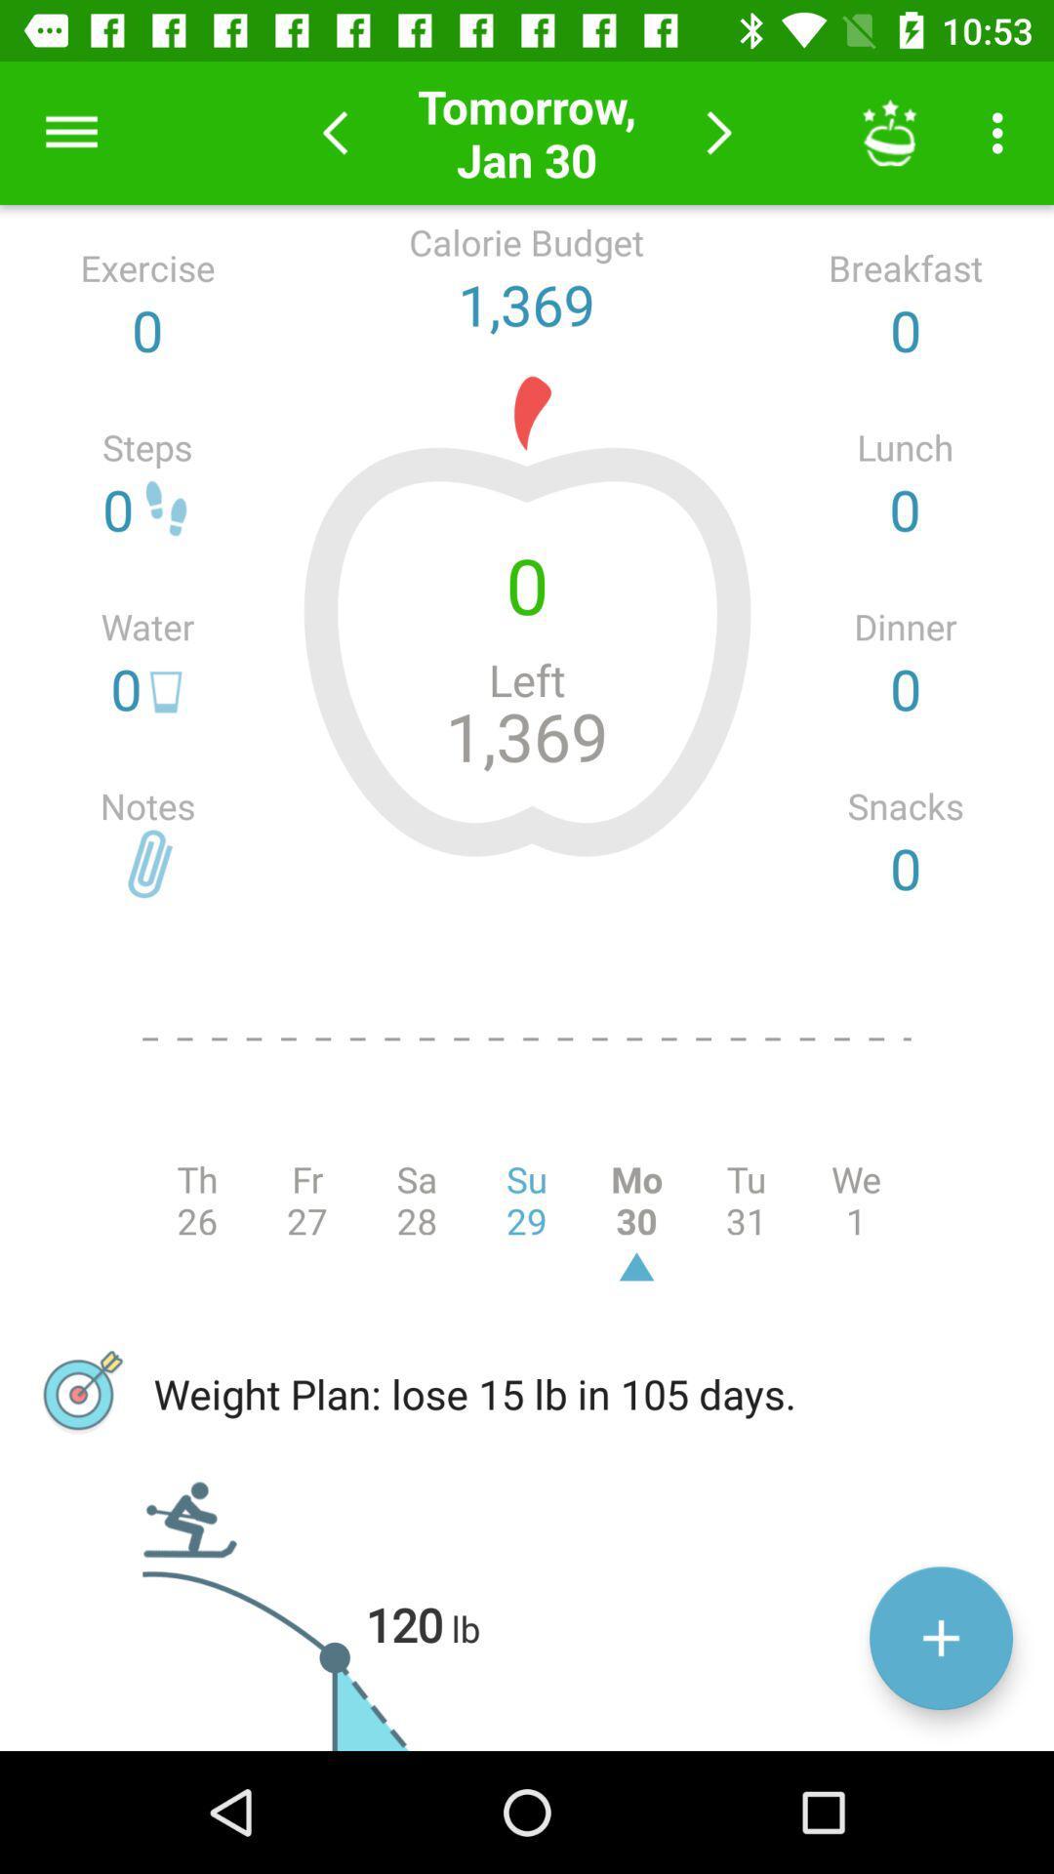 The width and height of the screenshot is (1054, 1874). I want to click on data, so click(940, 1638).